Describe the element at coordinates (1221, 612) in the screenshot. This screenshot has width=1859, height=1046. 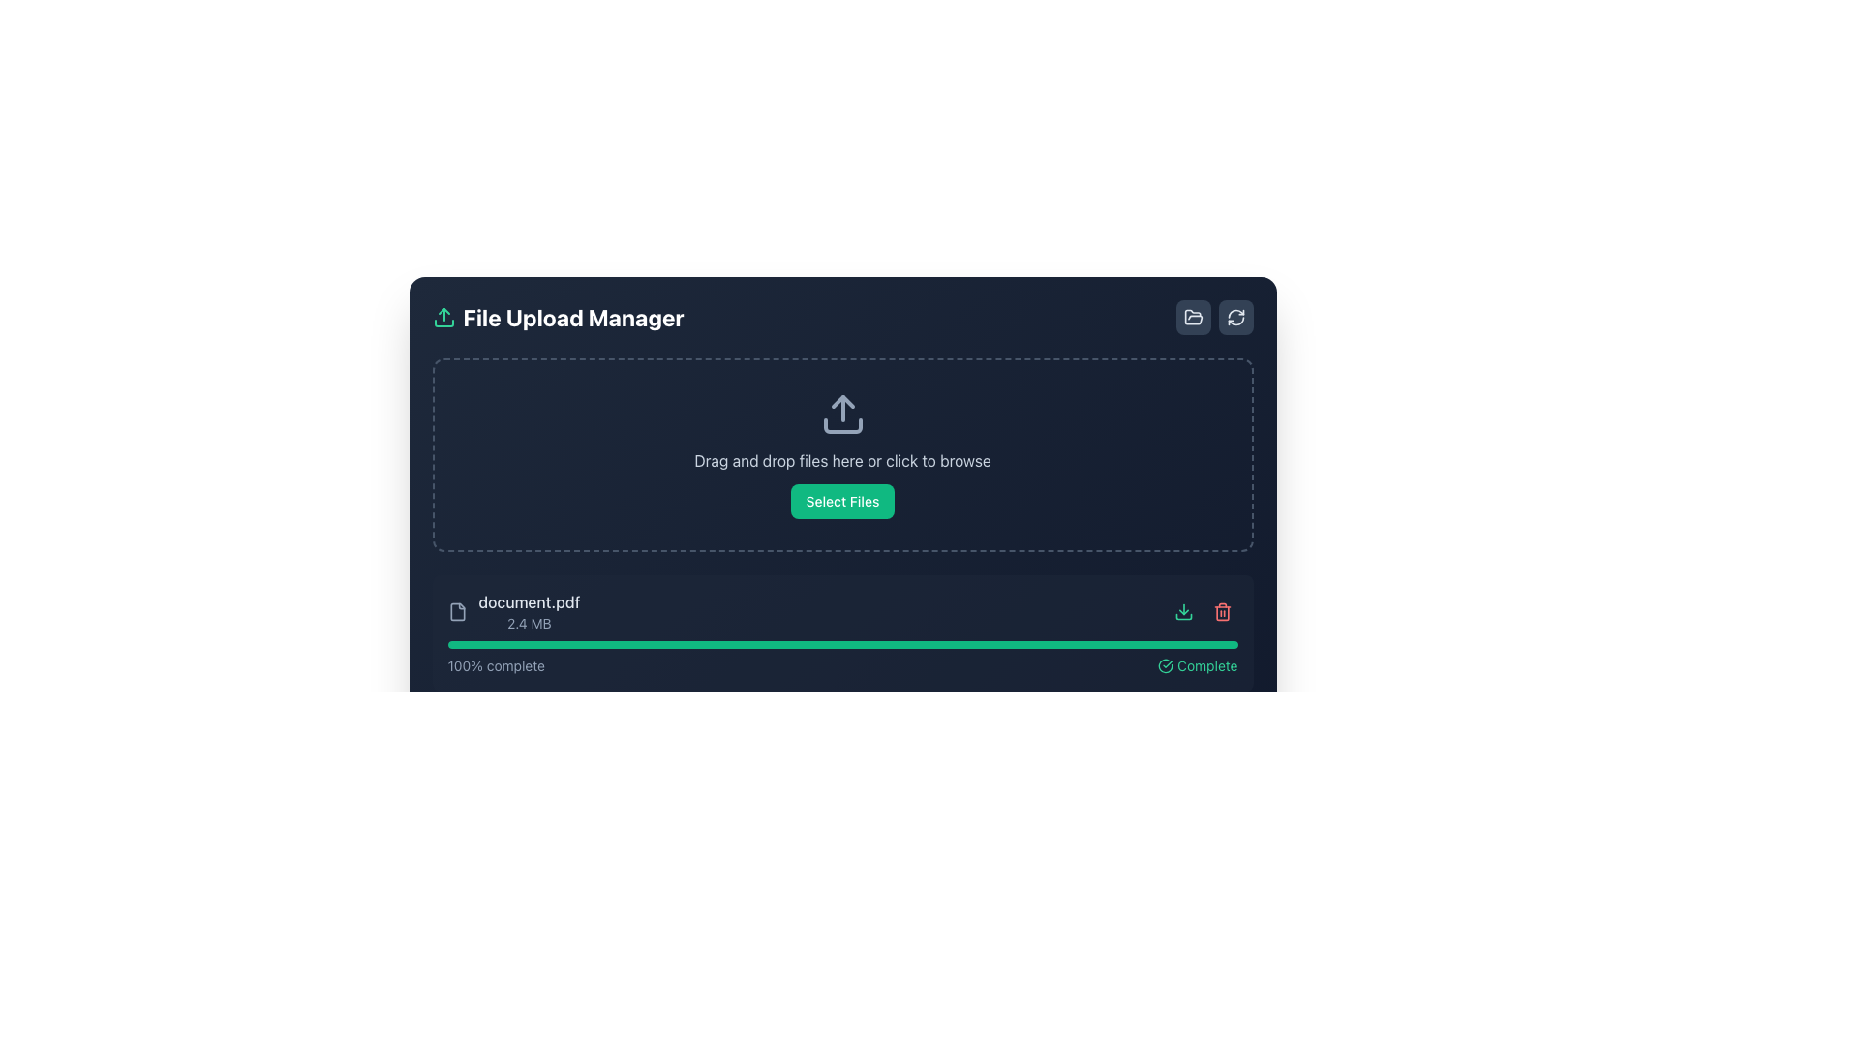
I see `the delete button with an embedded icon located at the bottom-right corner of the file entry row, which is the second interactive element after the download button` at that location.